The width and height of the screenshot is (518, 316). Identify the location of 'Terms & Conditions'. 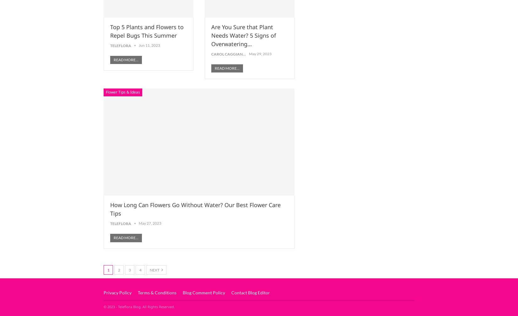
(157, 292).